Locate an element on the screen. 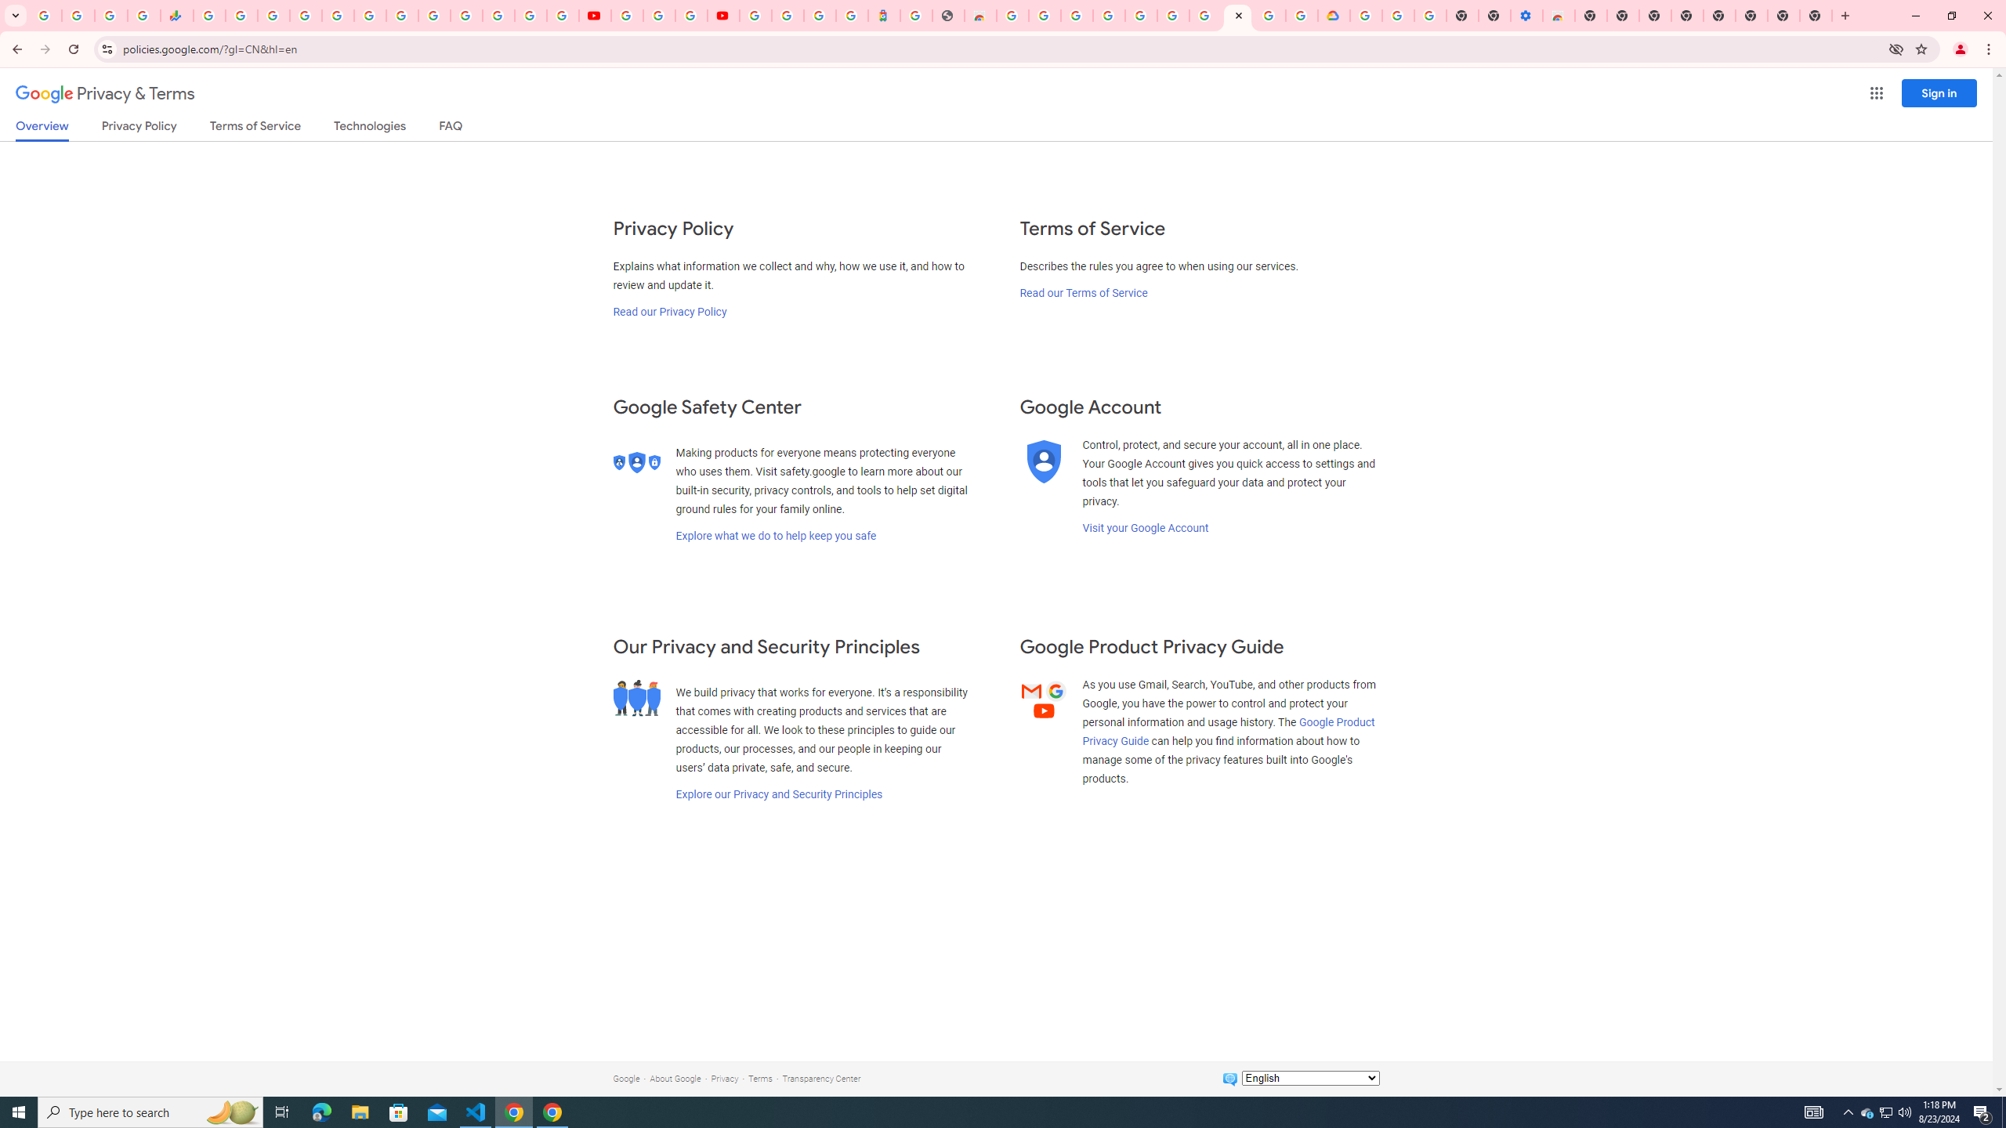  'Change language:' is located at coordinates (1309, 1076).